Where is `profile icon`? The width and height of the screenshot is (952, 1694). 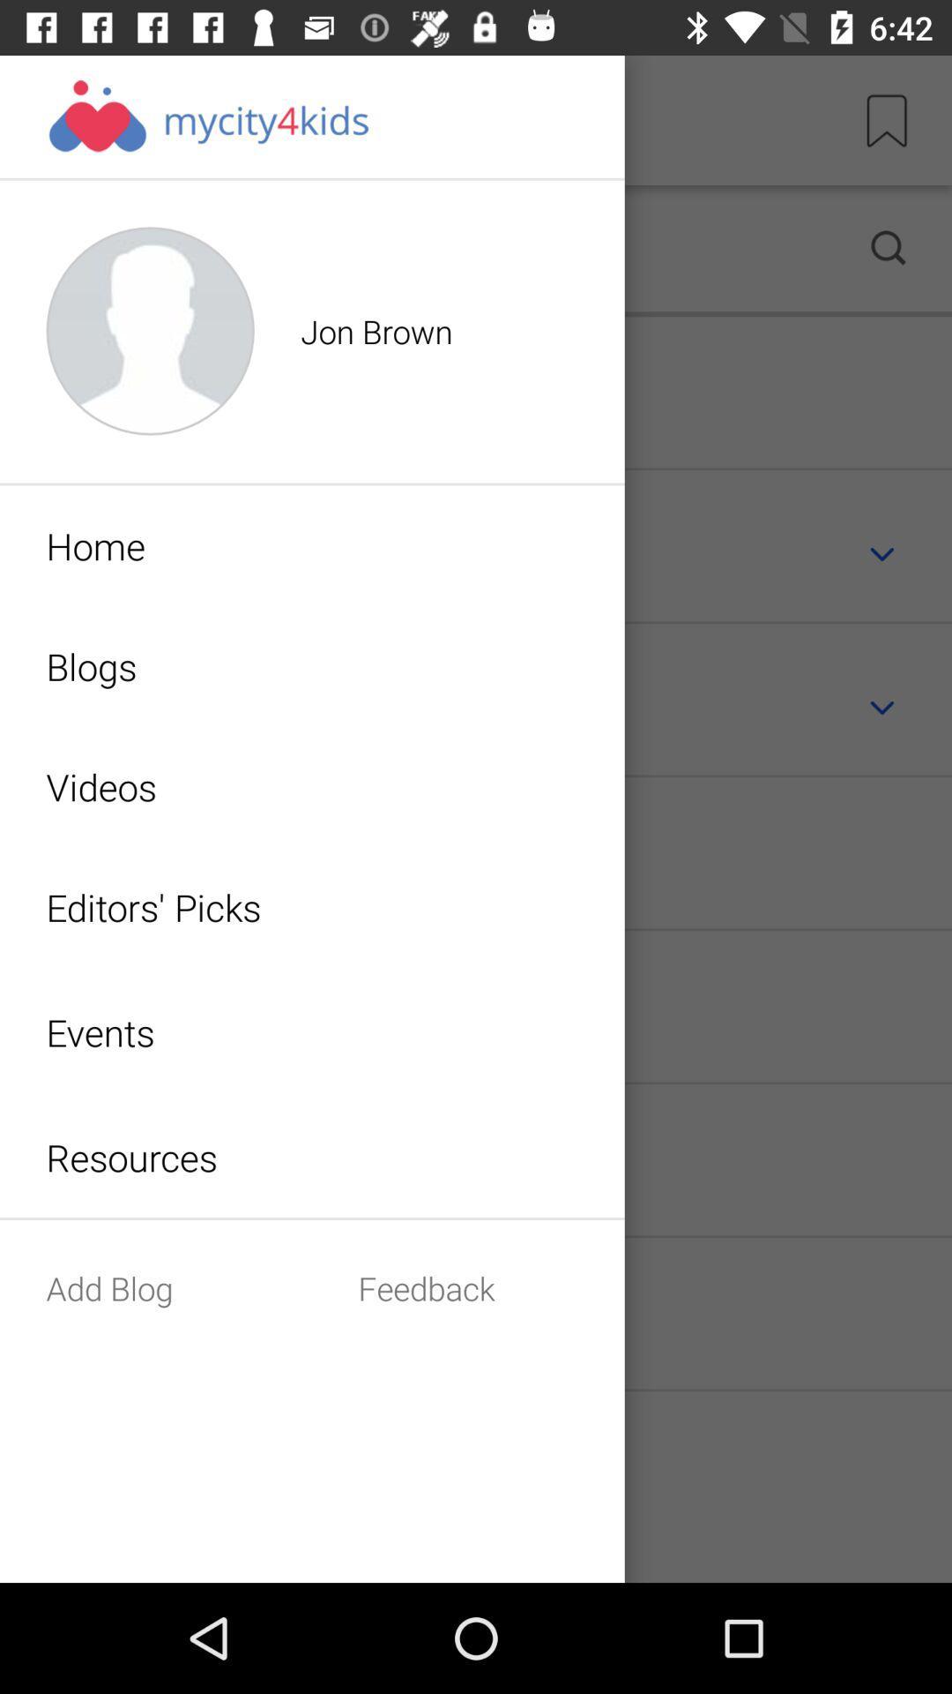 profile icon is located at coordinates (149, 331).